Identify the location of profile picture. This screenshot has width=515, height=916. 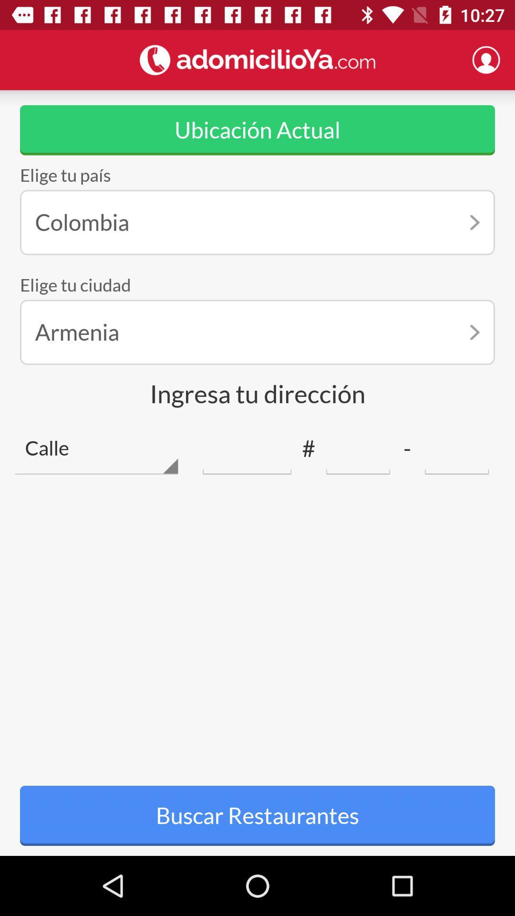
(486, 59).